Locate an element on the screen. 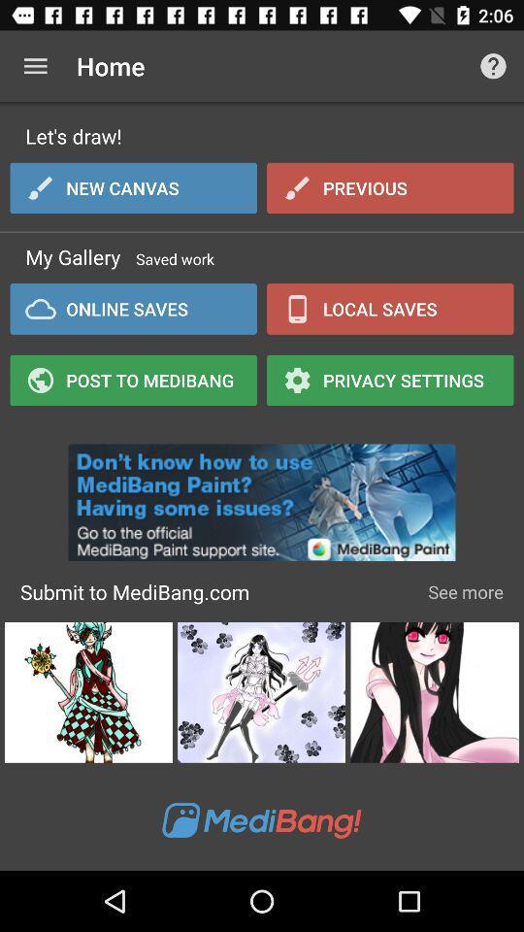 This screenshot has width=524, height=932. drawing to submit is located at coordinates (435, 692).